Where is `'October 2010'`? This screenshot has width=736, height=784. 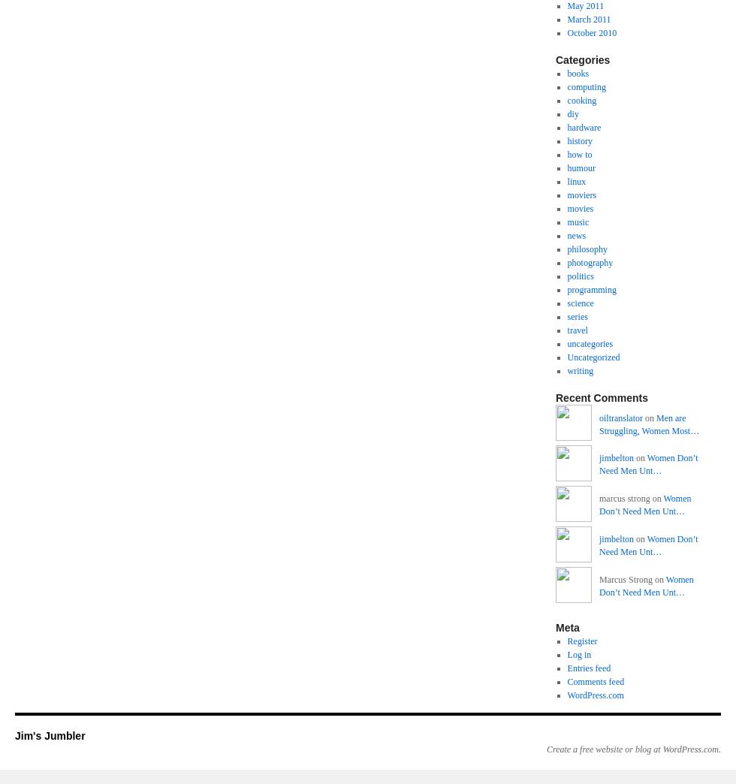
'October 2010' is located at coordinates (592, 32).